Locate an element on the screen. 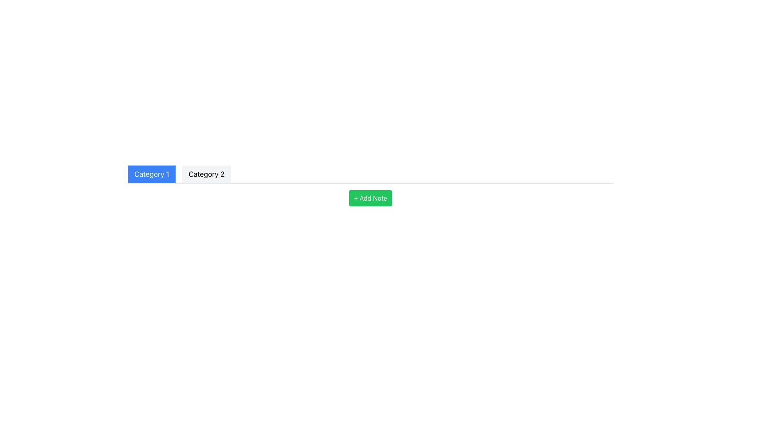  the 'Category 2' button, which is a rectangular button with a light gray background and black text, located to the right of the 'Category 1' button is located at coordinates (206, 174).